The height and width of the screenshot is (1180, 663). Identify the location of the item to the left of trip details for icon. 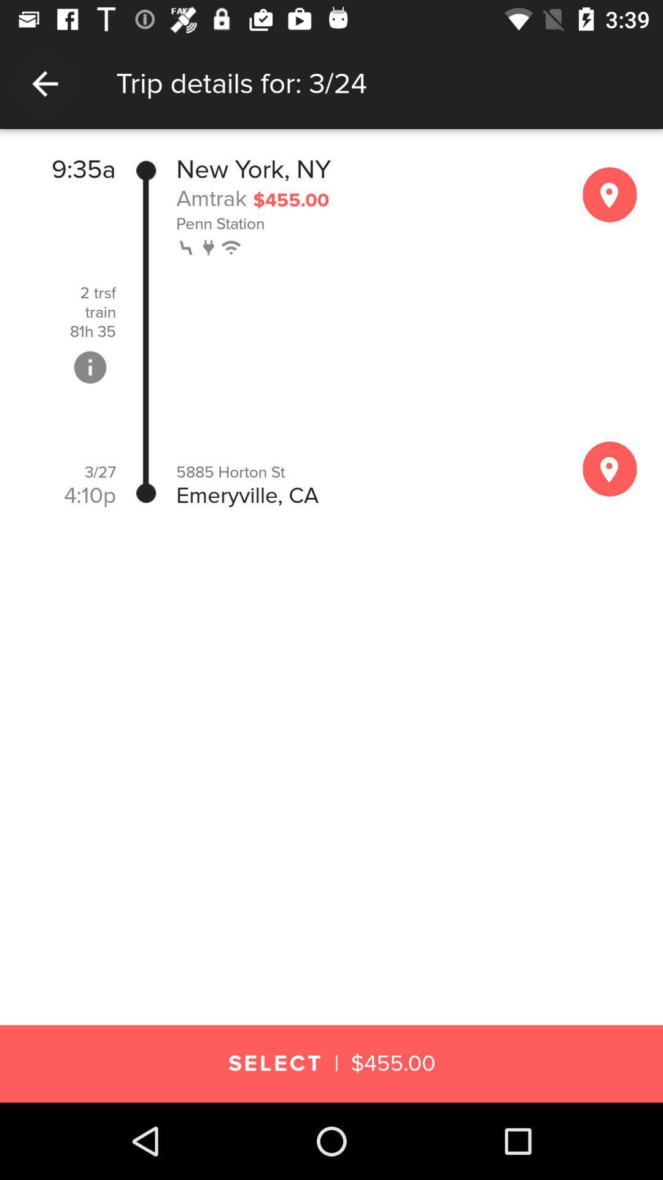
(44, 83).